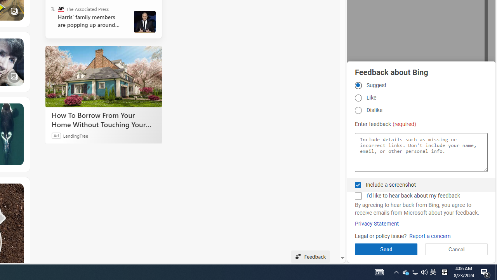 Image resolution: width=497 pixels, height=280 pixels. Describe the element at coordinates (358, 110) in the screenshot. I see `'Dislike Dislike'` at that location.